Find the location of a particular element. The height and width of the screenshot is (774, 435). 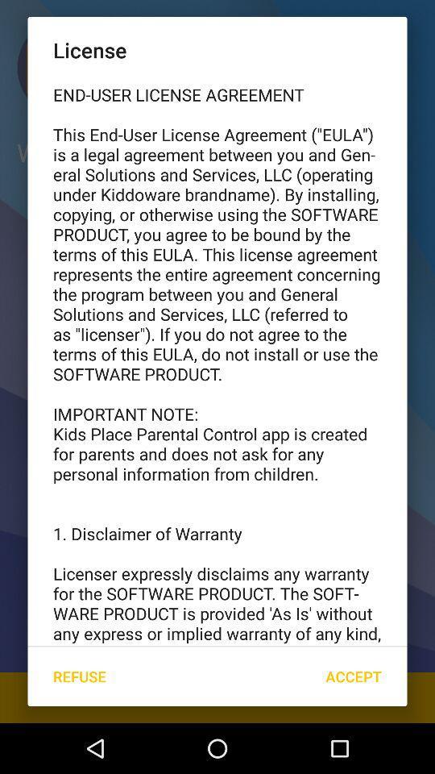

item at the bottom right corner is located at coordinates (353, 676).